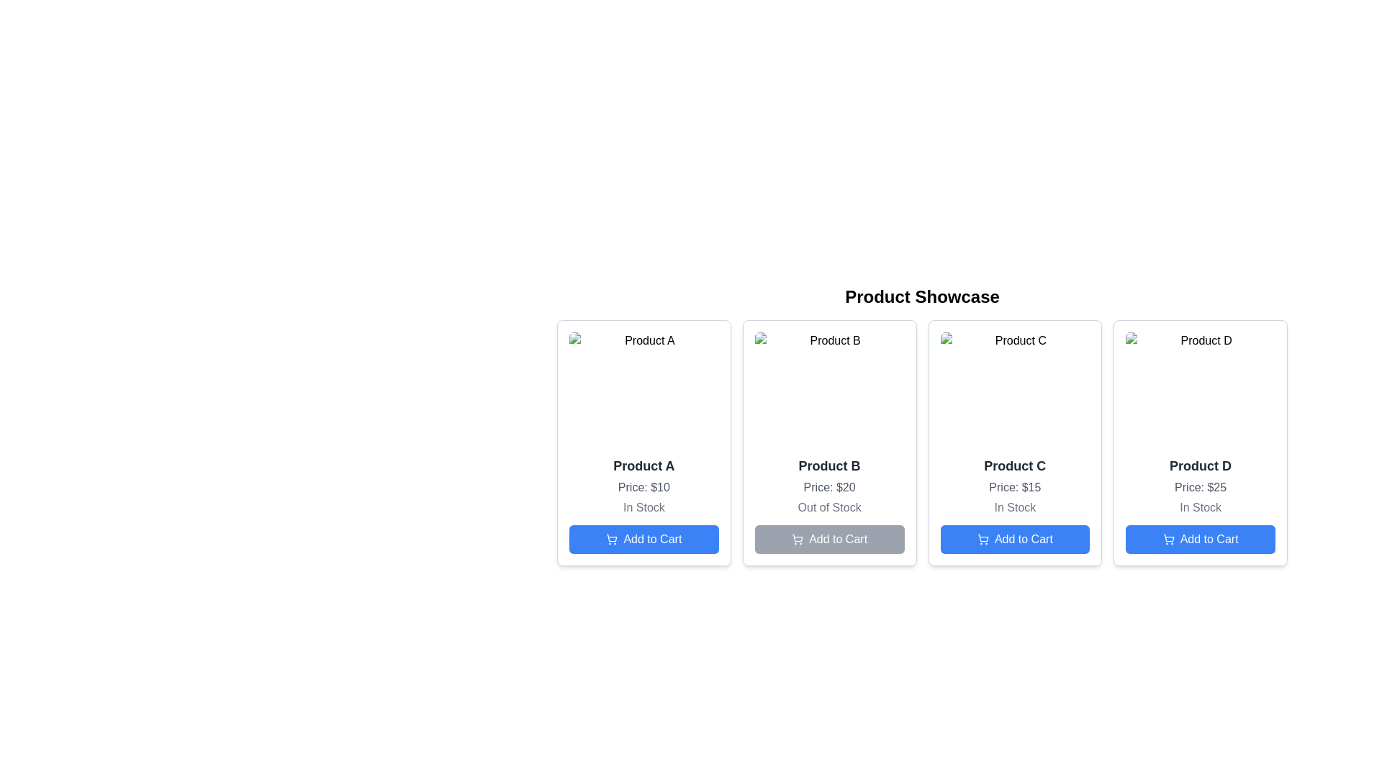 The height and width of the screenshot is (777, 1382). I want to click on the small shopping cart icon located inside the 'Add to Cart' button for 'Product C' in the third column of the product showcase grid, so click(982, 539).